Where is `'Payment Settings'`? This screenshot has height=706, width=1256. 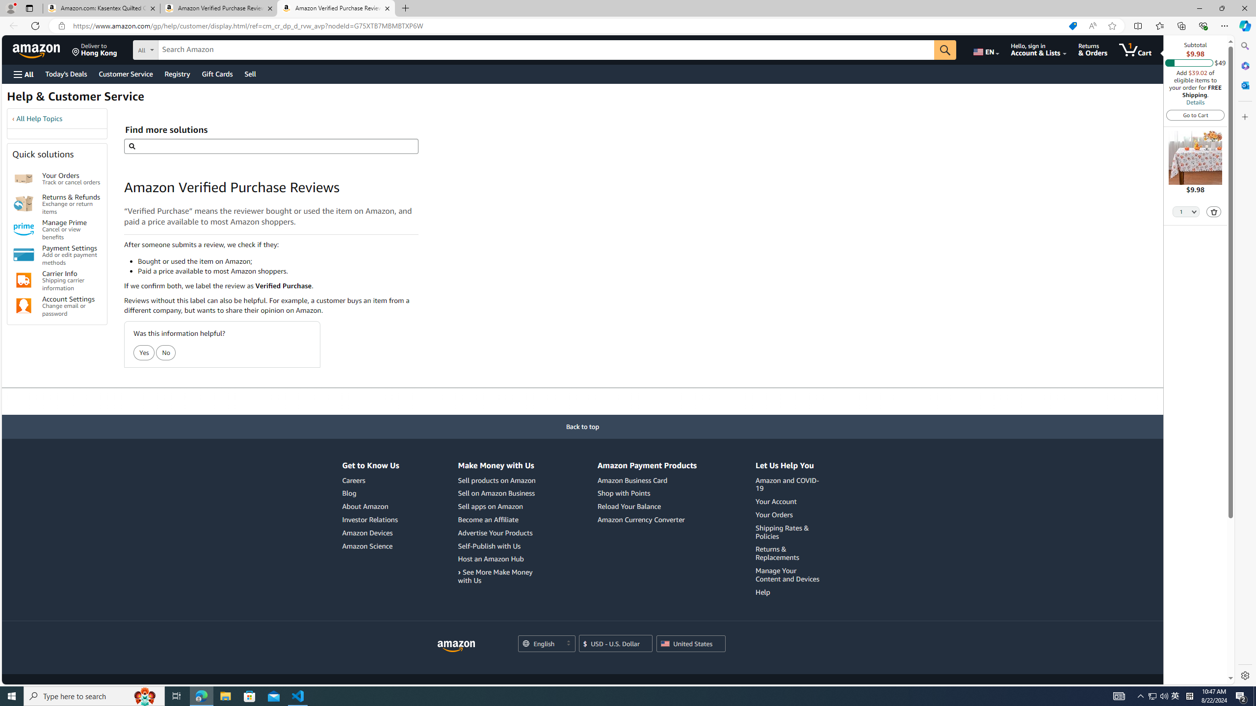
'Payment Settings' is located at coordinates (24, 254).